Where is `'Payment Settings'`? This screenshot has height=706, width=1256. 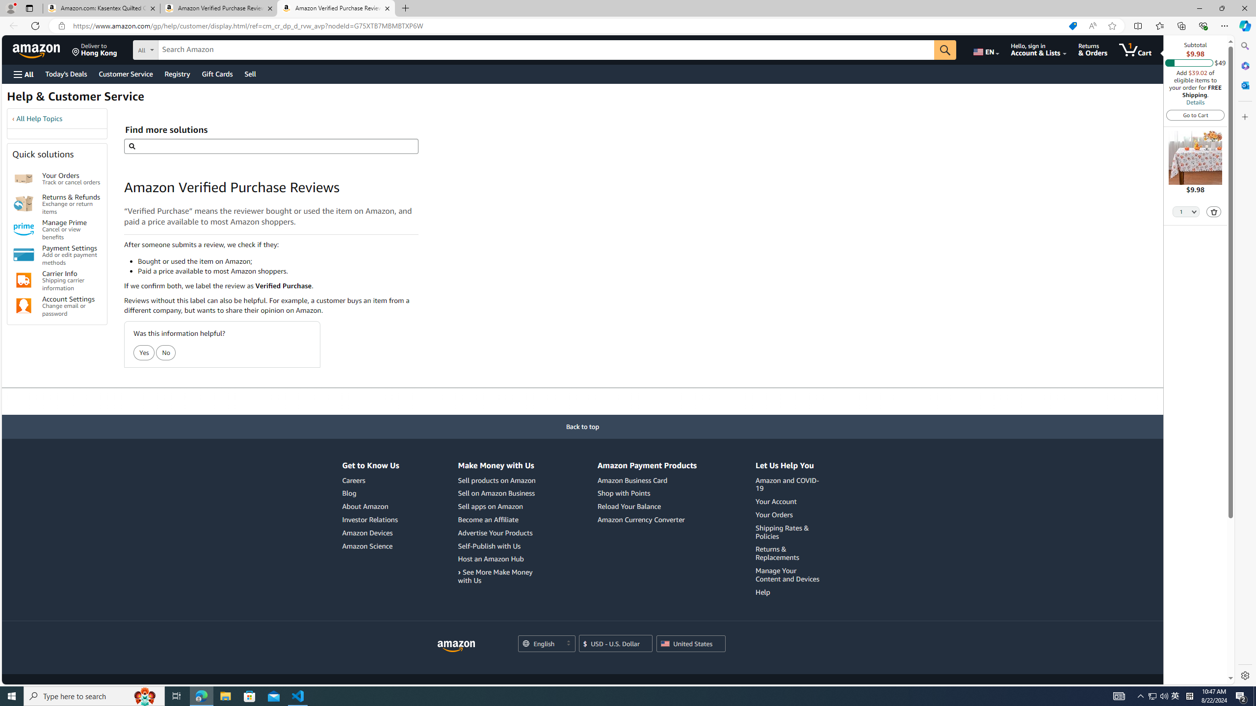
'Payment Settings' is located at coordinates (24, 254).